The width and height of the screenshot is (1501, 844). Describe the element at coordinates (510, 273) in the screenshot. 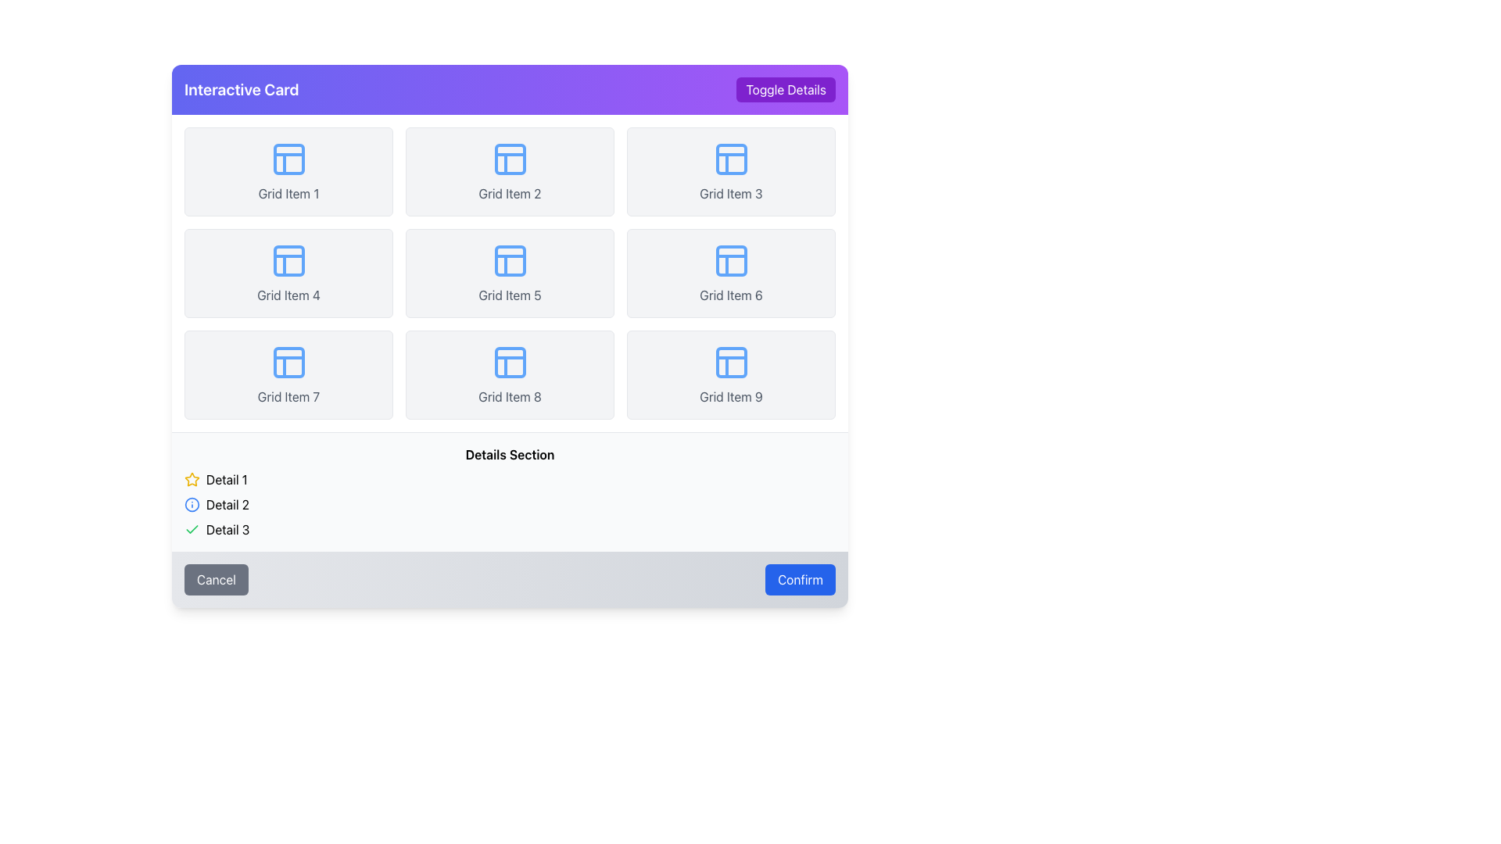

I see `an item within the grid layout that contains nine equally sized items, each with a light gray background and labeled accordingly` at that location.